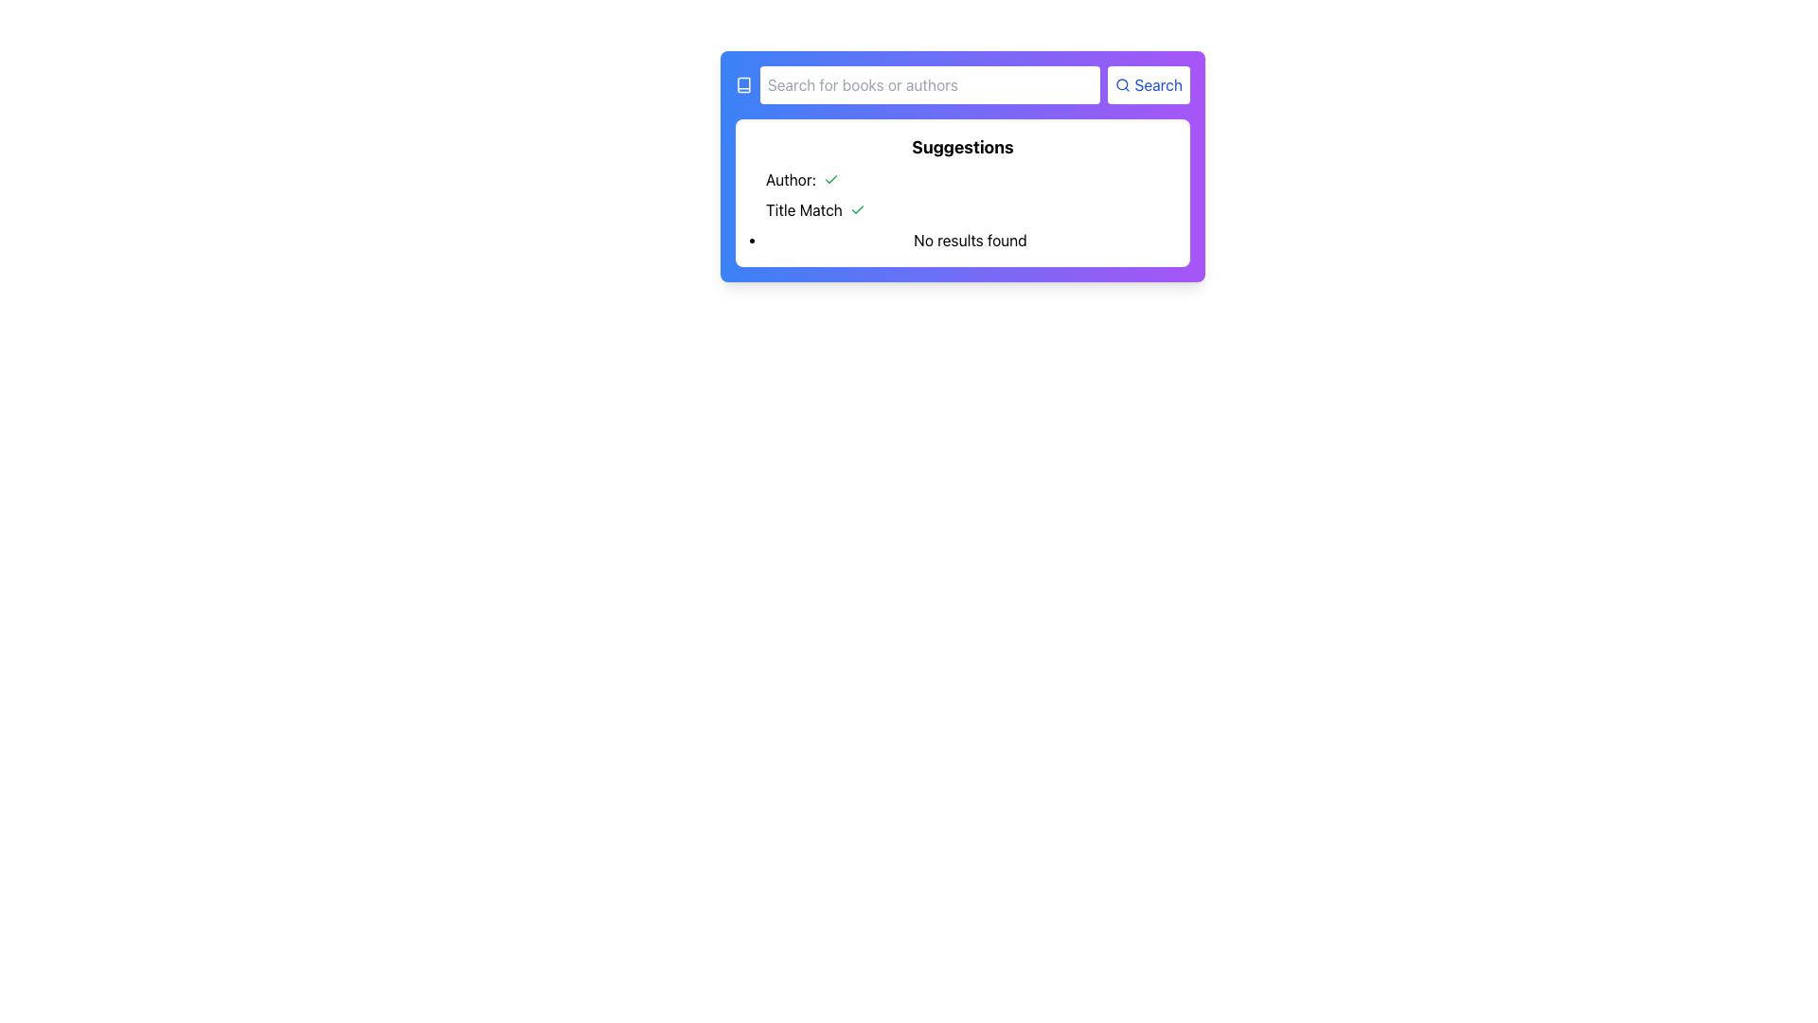 The image size is (1818, 1023). I want to click on the small book icon styled in white located at the leftmost side of the blue header bar, adjacent to the search input field, so click(742, 83).